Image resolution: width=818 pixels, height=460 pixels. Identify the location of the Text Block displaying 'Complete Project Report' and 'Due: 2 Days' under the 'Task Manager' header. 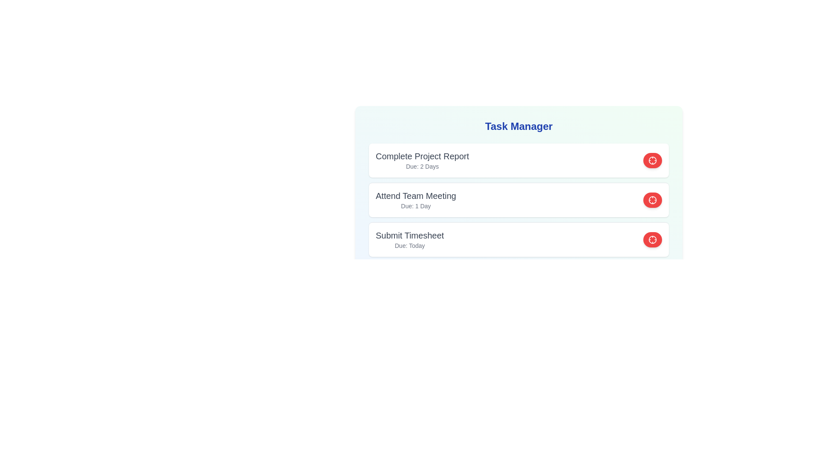
(422, 161).